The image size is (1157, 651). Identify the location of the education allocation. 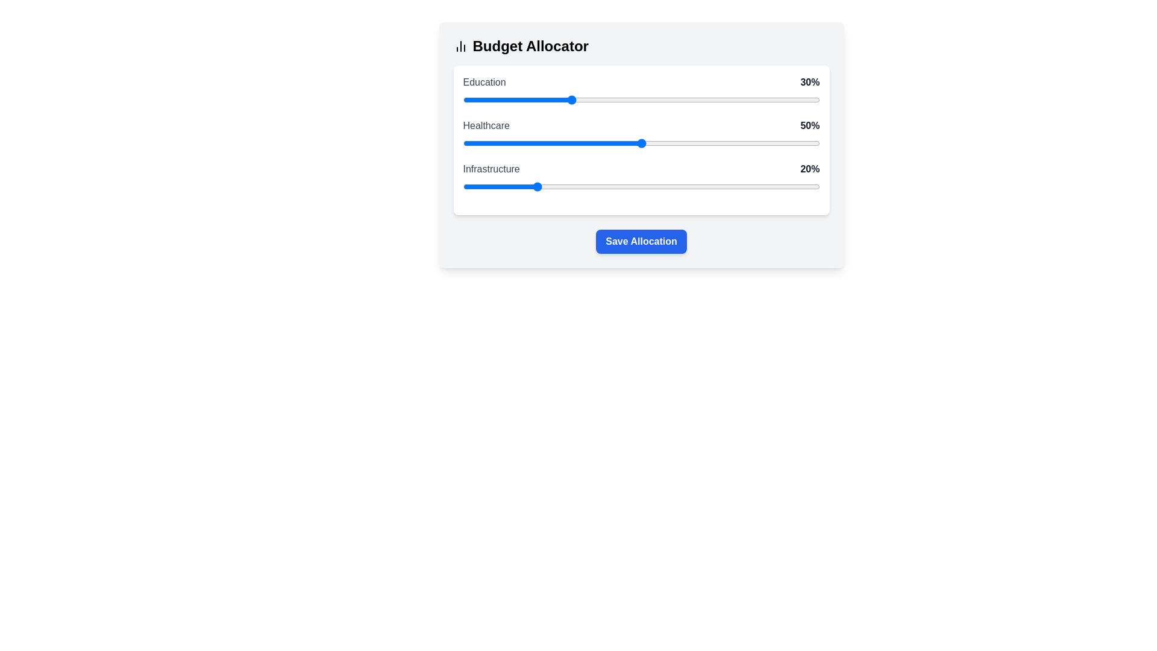
(784, 99).